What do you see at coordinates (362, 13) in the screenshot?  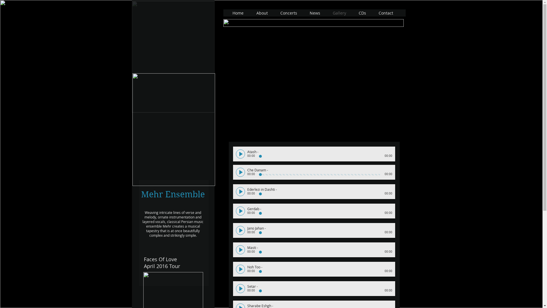 I see `'CDs'` at bounding box center [362, 13].